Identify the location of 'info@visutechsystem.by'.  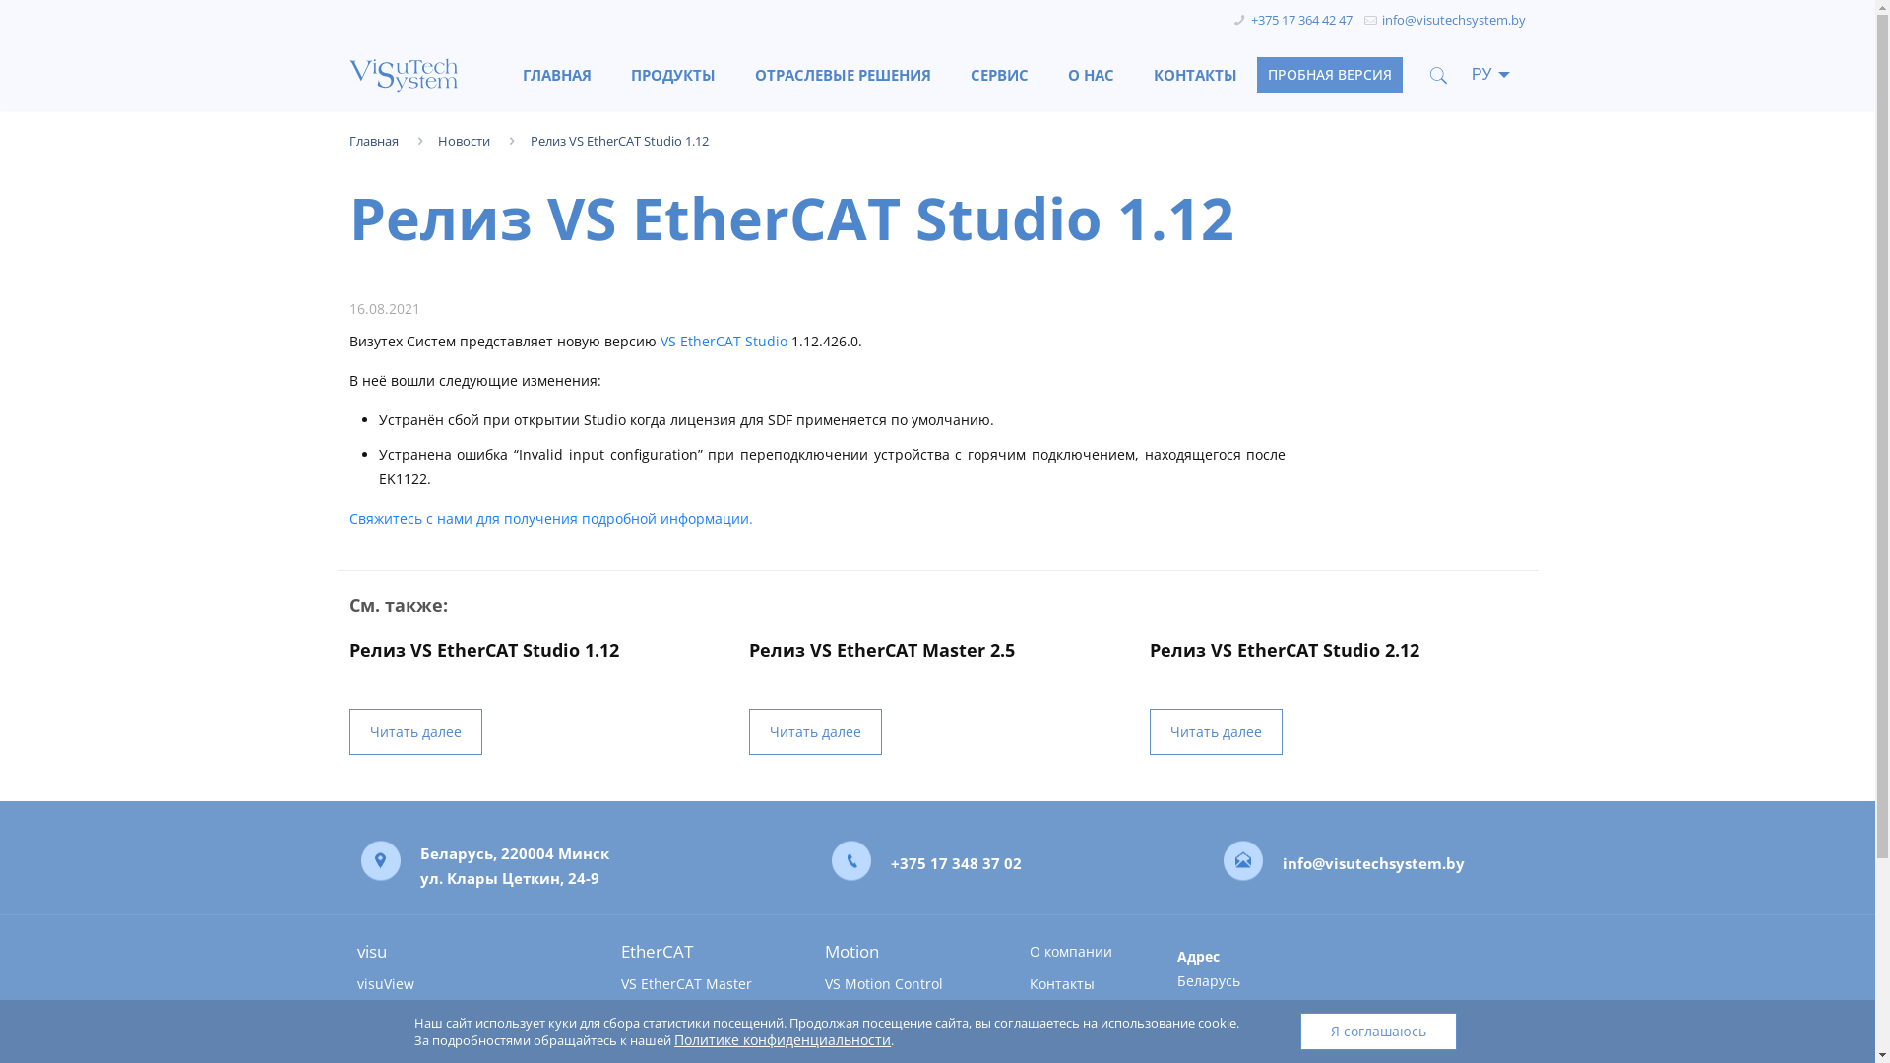
(1372, 860).